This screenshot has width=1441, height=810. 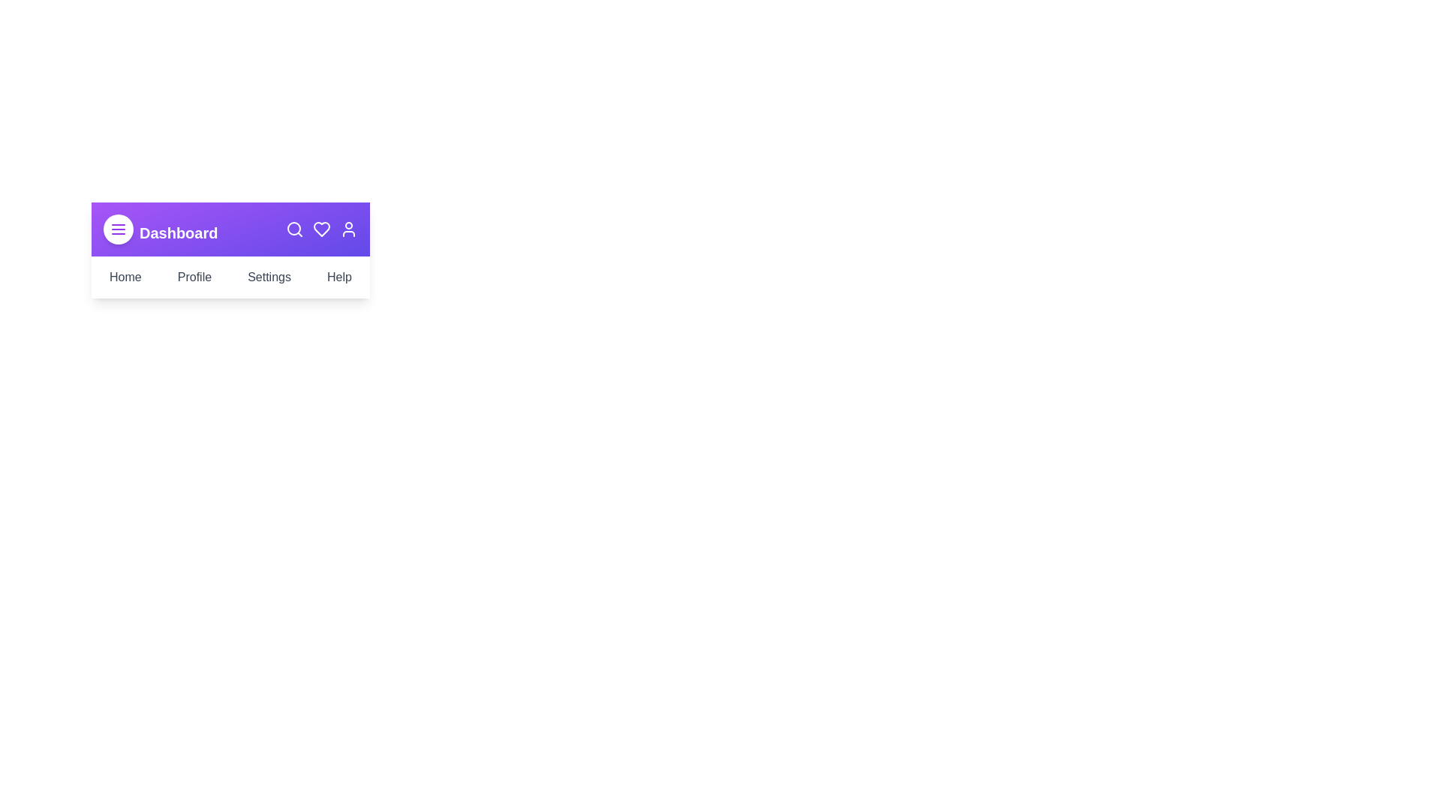 I want to click on the Settings menu item in the navigation menu, so click(x=269, y=277).